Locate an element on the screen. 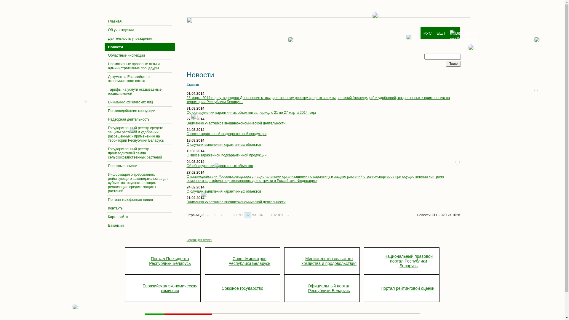  '103' is located at coordinates (280, 215).